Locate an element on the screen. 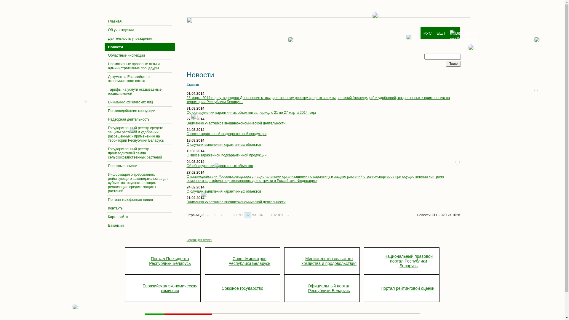  '103' is located at coordinates (280, 215).